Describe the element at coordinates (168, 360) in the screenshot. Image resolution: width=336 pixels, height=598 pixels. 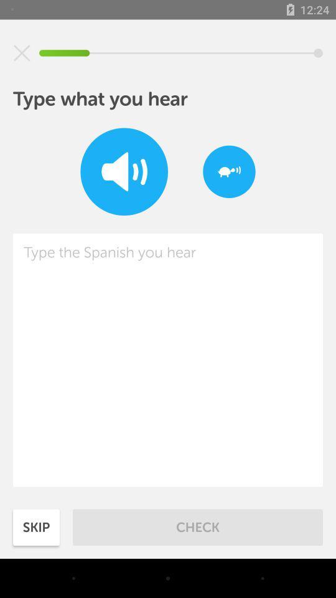
I see `area to enter asphanumeric data` at that location.